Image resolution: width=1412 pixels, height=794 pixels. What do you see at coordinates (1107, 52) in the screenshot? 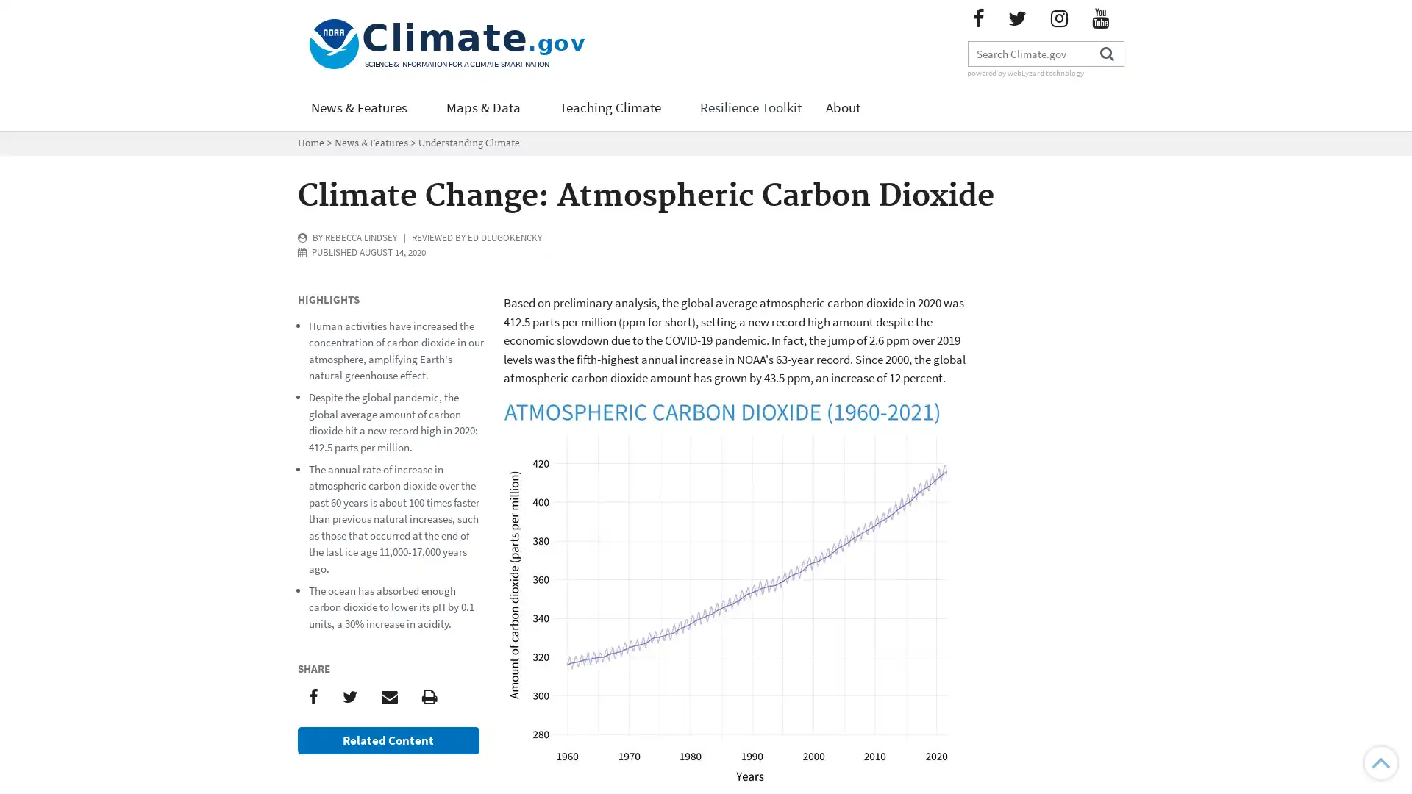
I see `Search` at bounding box center [1107, 52].